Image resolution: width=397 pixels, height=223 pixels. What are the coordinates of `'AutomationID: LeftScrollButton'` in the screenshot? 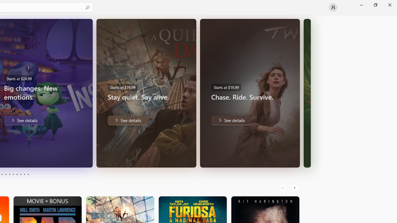 It's located at (283, 187).